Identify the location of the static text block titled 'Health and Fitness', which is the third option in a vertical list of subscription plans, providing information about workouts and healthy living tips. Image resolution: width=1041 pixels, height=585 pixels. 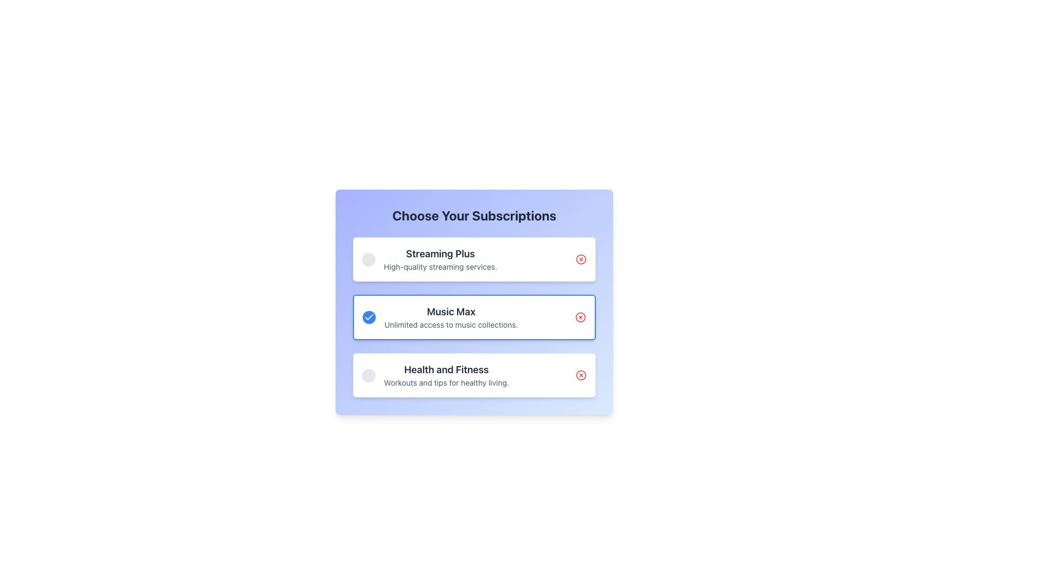
(446, 375).